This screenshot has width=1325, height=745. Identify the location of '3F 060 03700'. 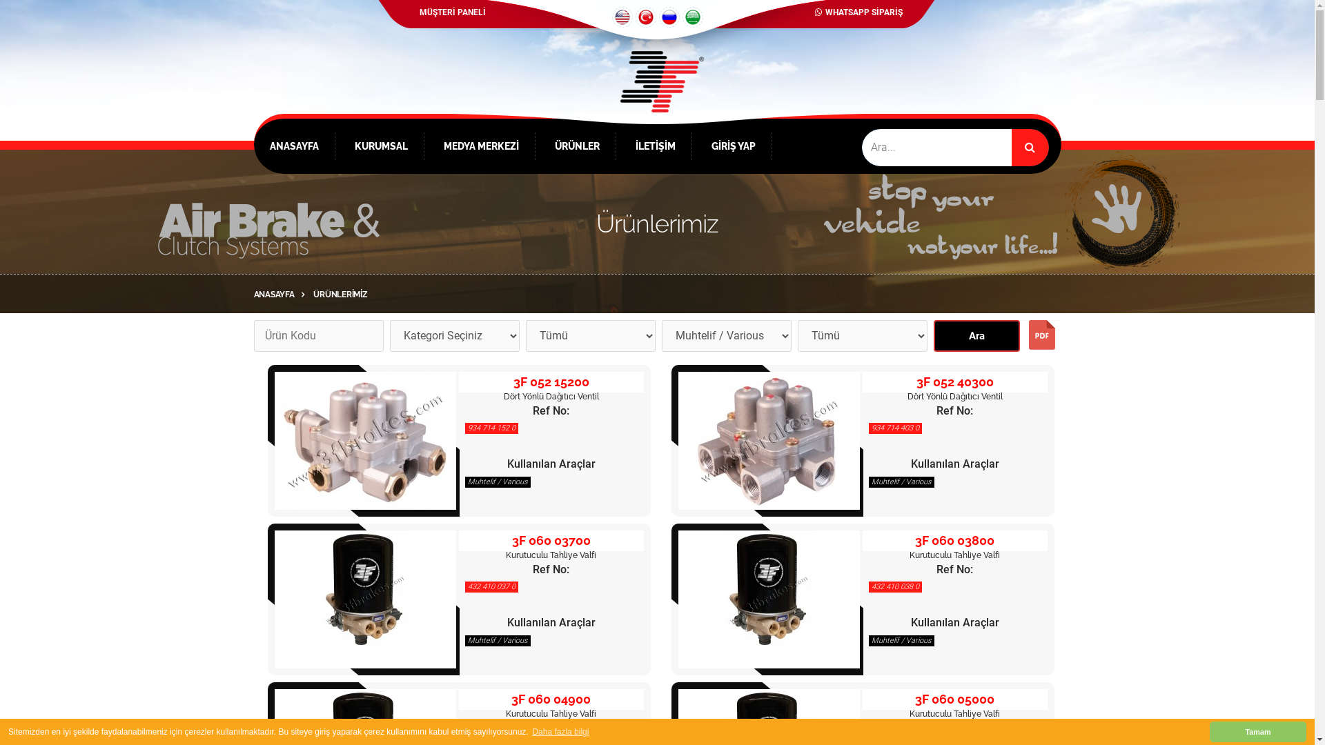
(550, 539).